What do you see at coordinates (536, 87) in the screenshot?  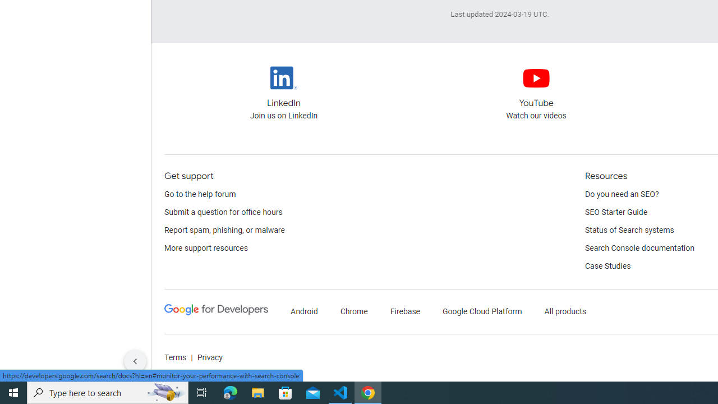 I see `'Google Search Central YouTube channel'` at bounding box center [536, 87].